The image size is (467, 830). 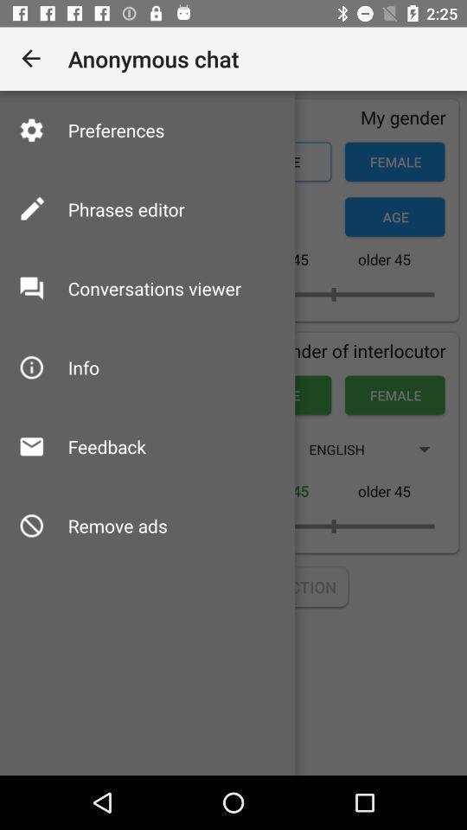 What do you see at coordinates (154, 288) in the screenshot?
I see `the conversations viewer` at bounding box center [154, 288].